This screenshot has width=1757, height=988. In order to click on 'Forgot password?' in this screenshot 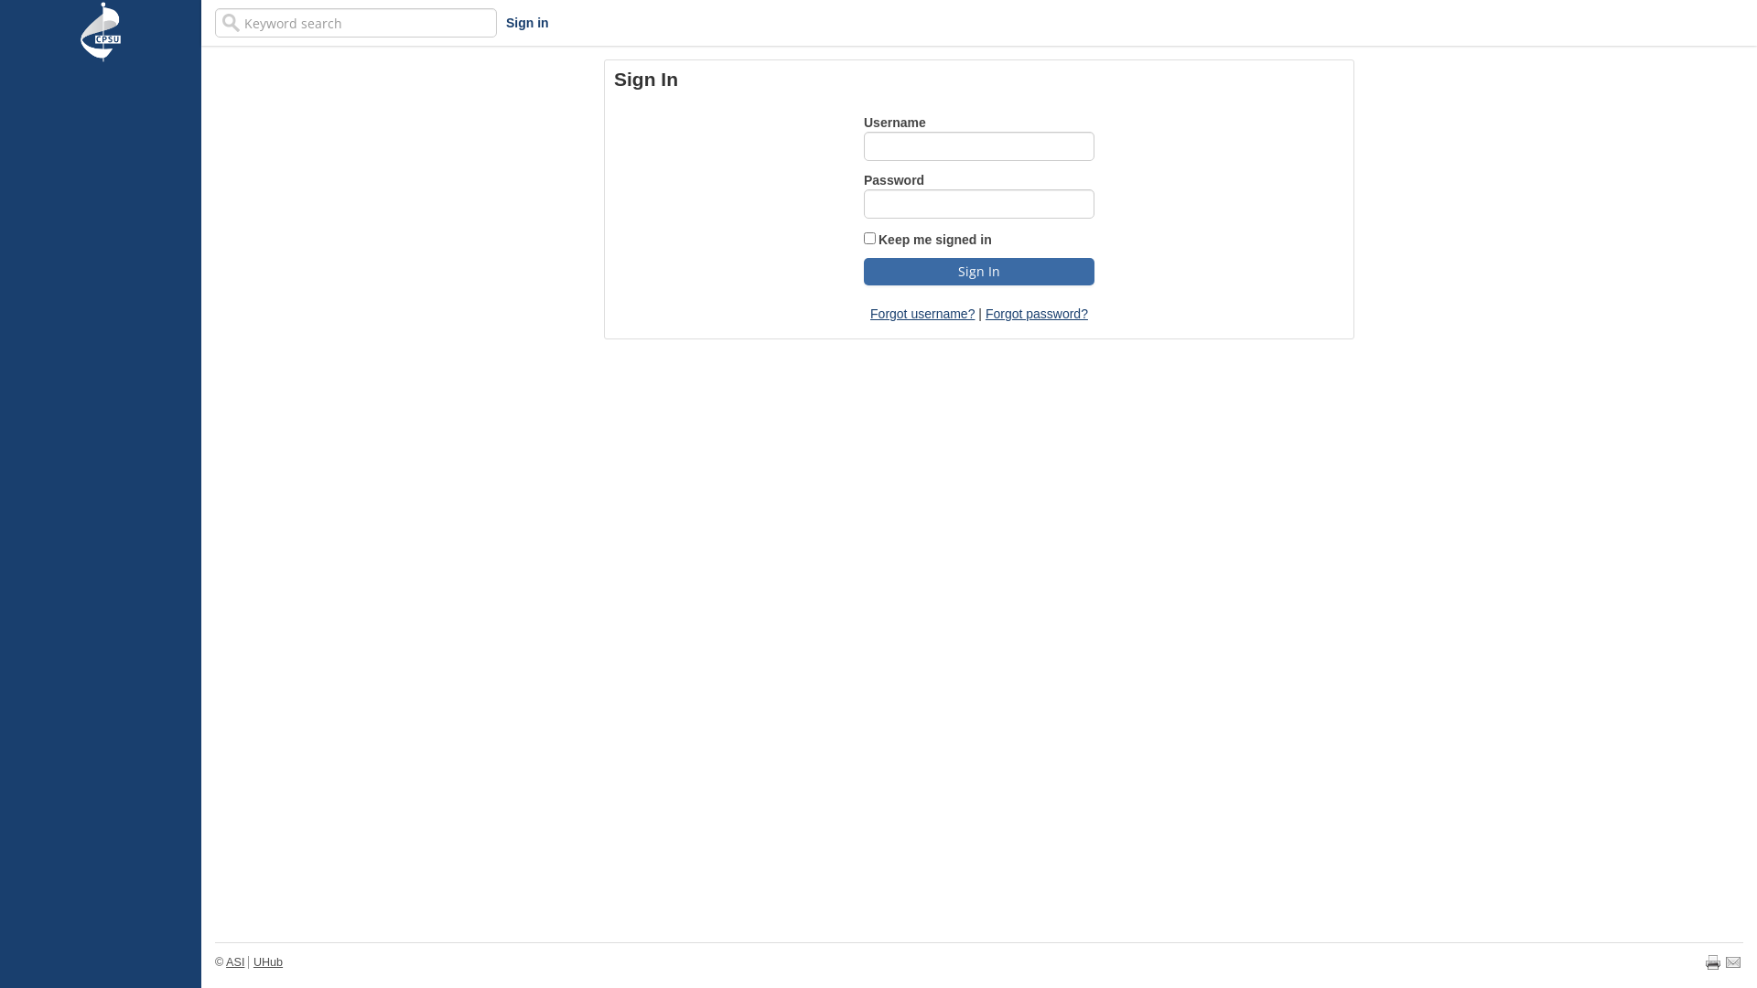, I will do `click(984, 313)`.